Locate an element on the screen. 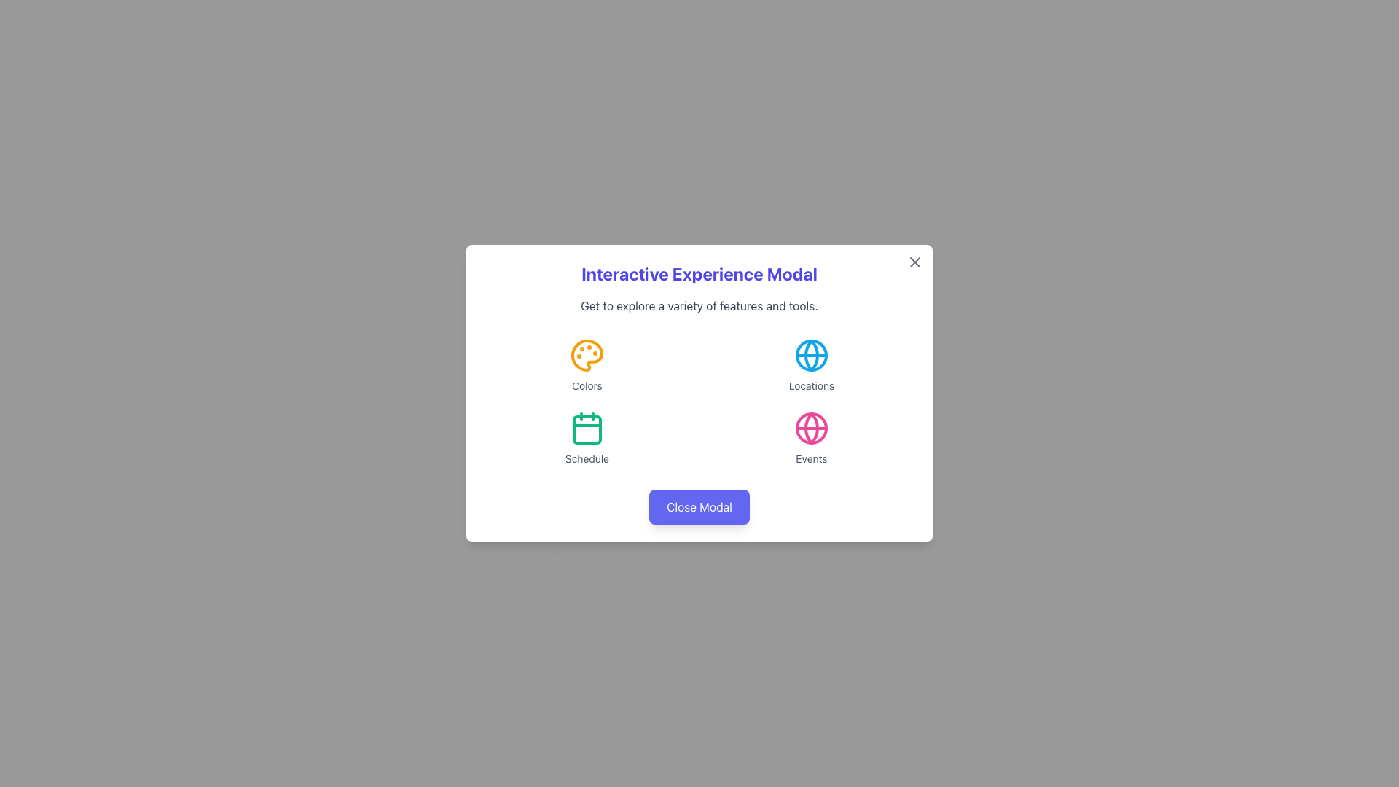 This screenshot has height=787, width=1399. the 'Colors' icon located in the top-left corner of the grid layout is located at coordinates (587, 364).